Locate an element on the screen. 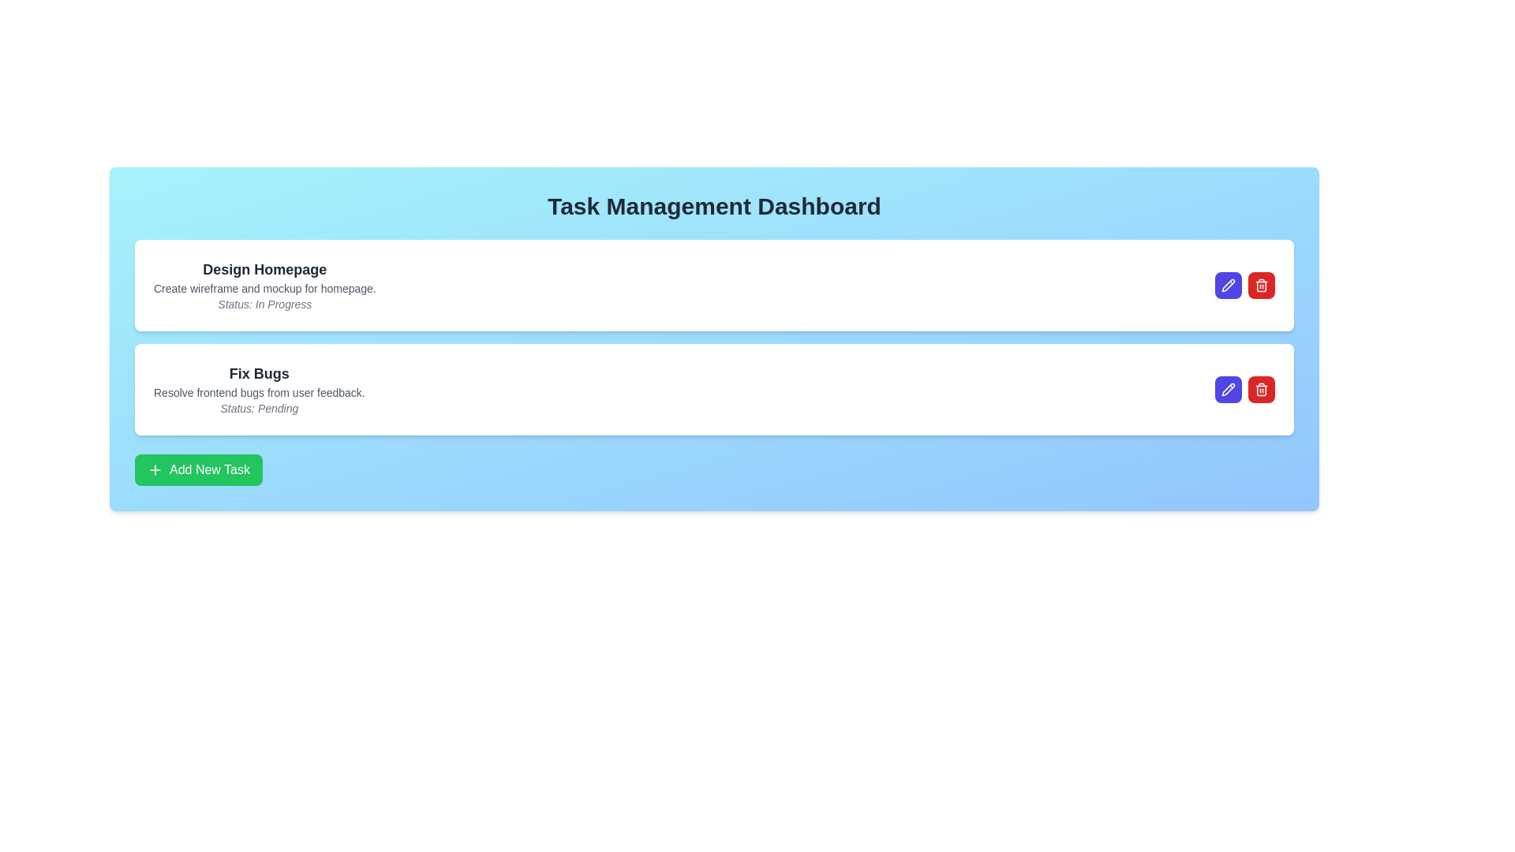 The width and height of the screenshot is (1515, 852). the text label displaying 'Create wireframe and mockup for homepage.' which is positioned below 'Design Homepage' and above 'Status: In Progress' is located at coordinates (264, 289).